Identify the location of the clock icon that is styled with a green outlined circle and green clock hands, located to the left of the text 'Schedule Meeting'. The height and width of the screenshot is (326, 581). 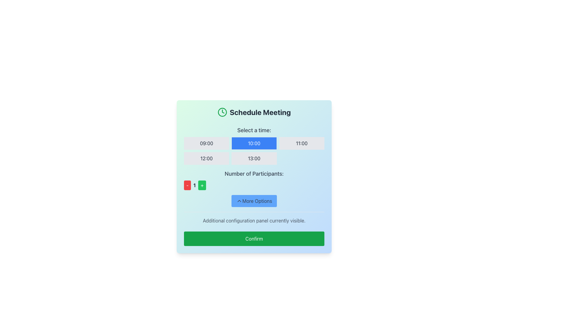
(222, 112).